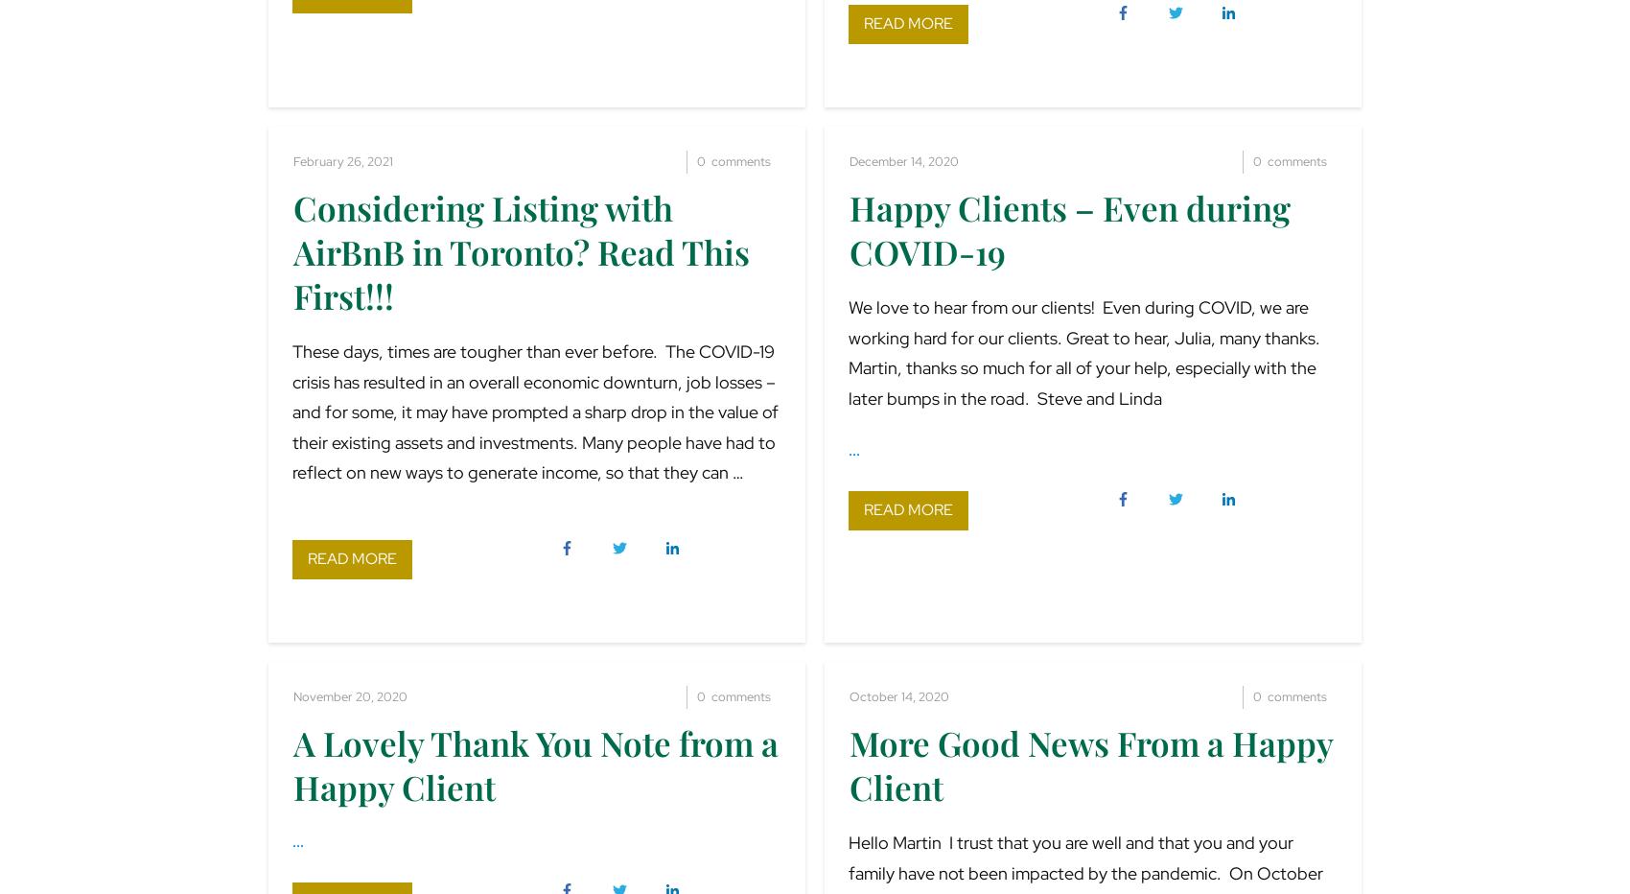 This screenshot has width=1630, height=894. What do you see at coordinates (534, 412) in the screenshot?
I see `'These days, times are tougher than ever before.  The COVID-19 crisis has resulted in an overall economic downturn, job losses – and for some, it may have prompted a sharp drop in the value of their existing assets and investments. Many people have had to reflect on new ways to generate income, so that they can'` at bounding box center [534, 412].